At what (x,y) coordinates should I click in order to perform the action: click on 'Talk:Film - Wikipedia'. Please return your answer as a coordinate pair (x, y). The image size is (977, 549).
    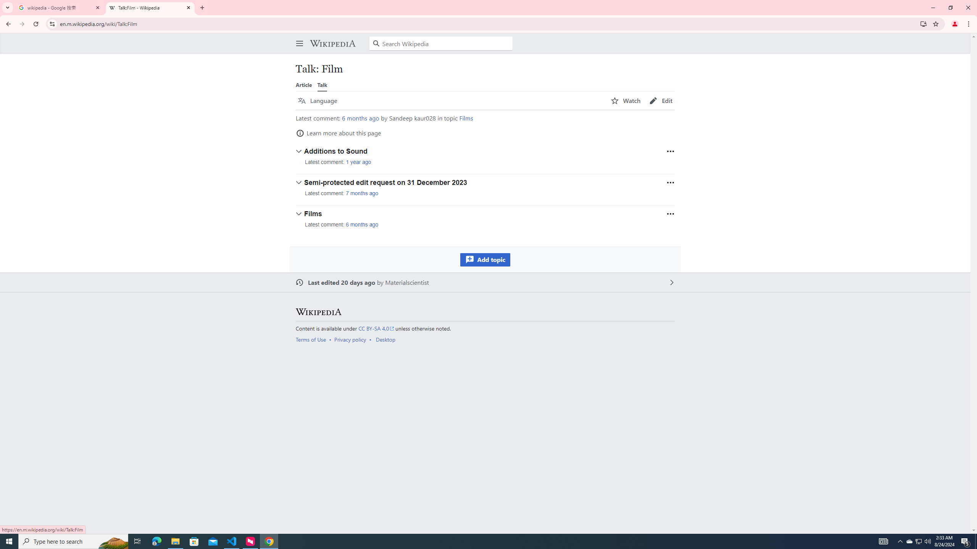
    Looking at the image, I should click on (150, 7).